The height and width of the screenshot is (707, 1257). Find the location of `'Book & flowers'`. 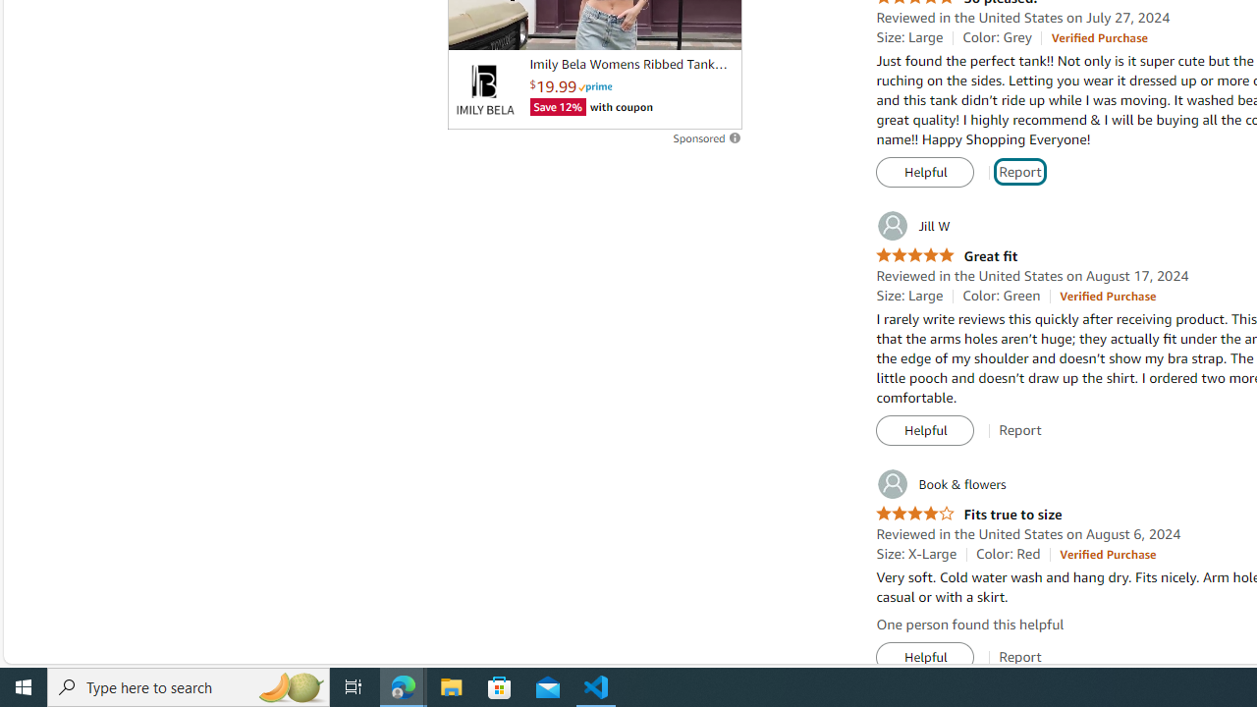

'Book & flowers' is located at coordinates (940, 484).